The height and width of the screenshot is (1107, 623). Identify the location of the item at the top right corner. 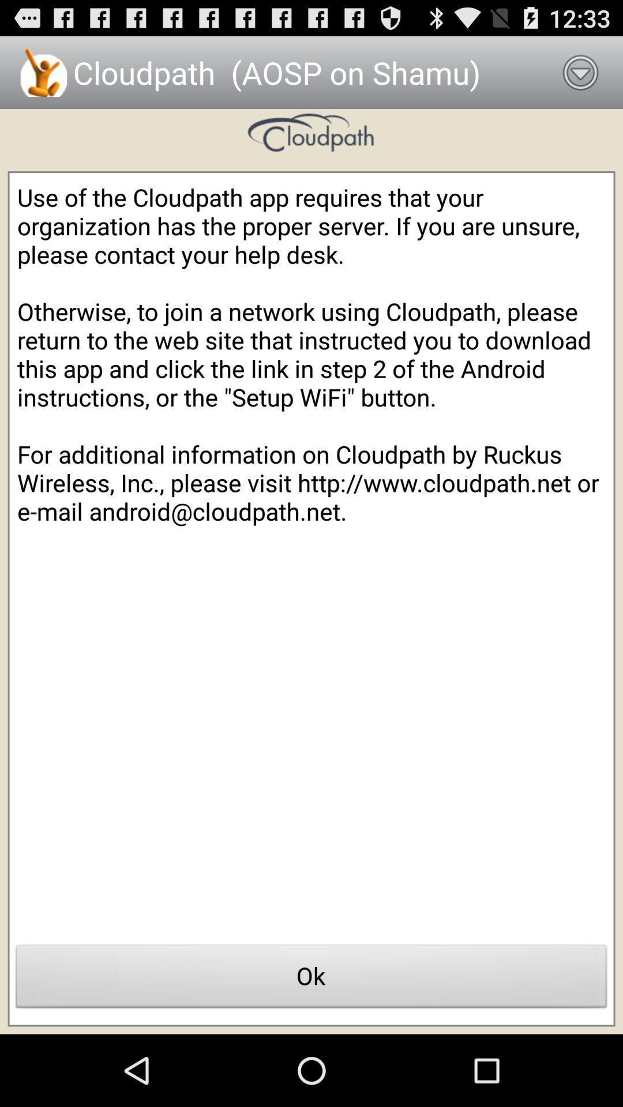
(580, 71).